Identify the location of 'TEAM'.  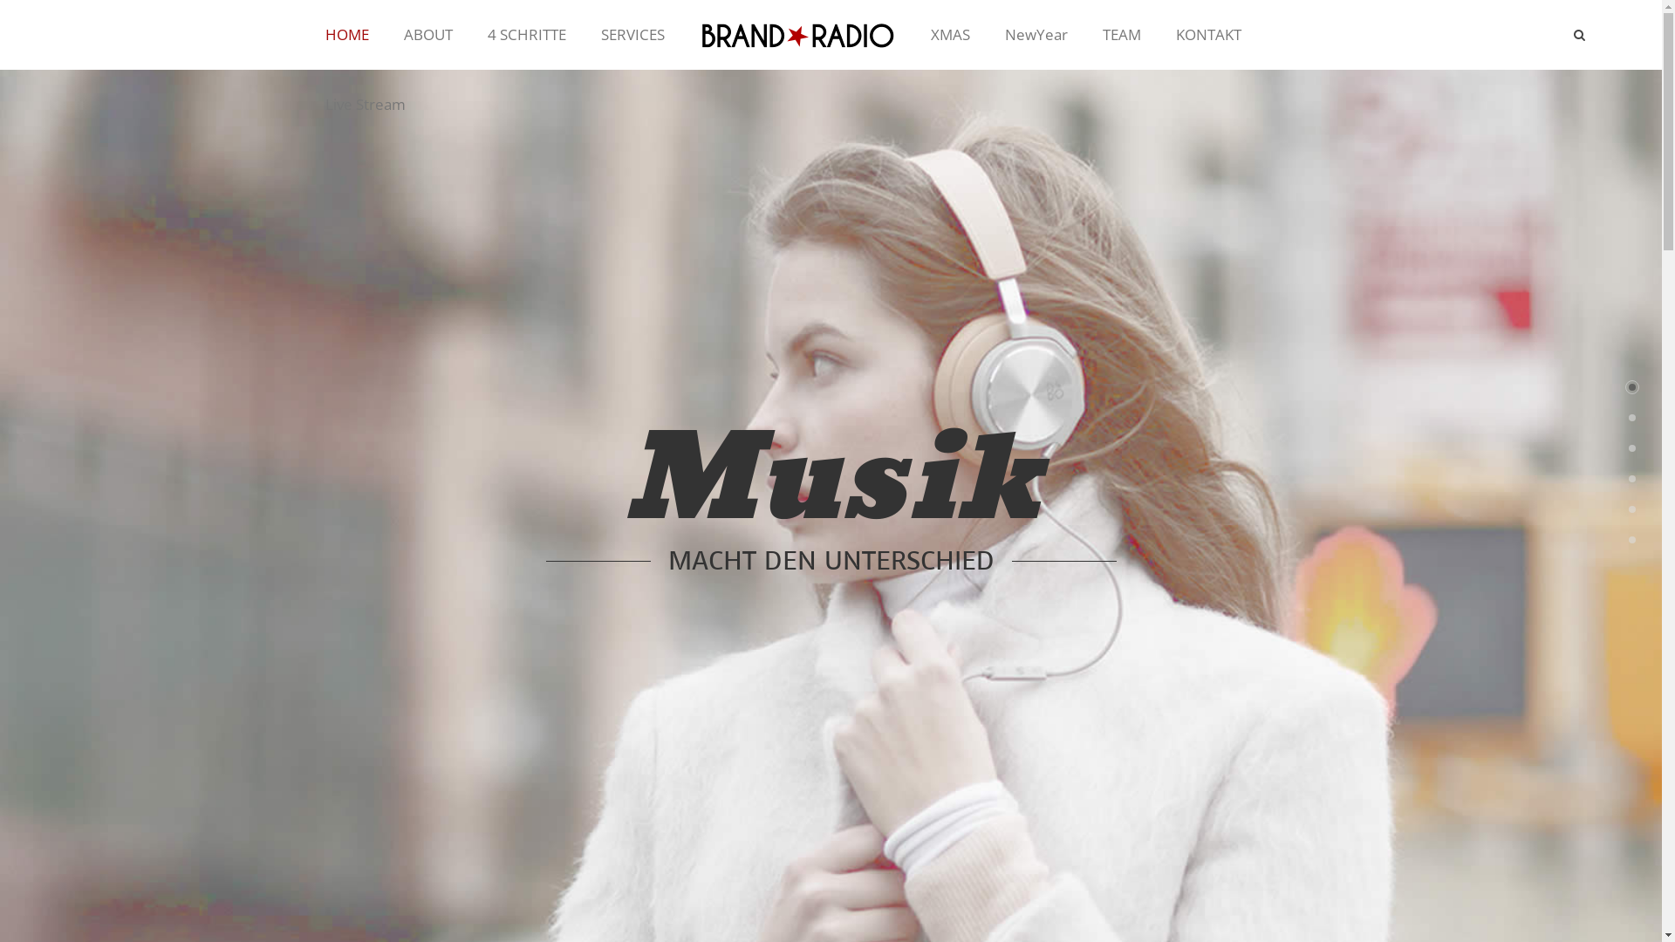
(1122, 34).